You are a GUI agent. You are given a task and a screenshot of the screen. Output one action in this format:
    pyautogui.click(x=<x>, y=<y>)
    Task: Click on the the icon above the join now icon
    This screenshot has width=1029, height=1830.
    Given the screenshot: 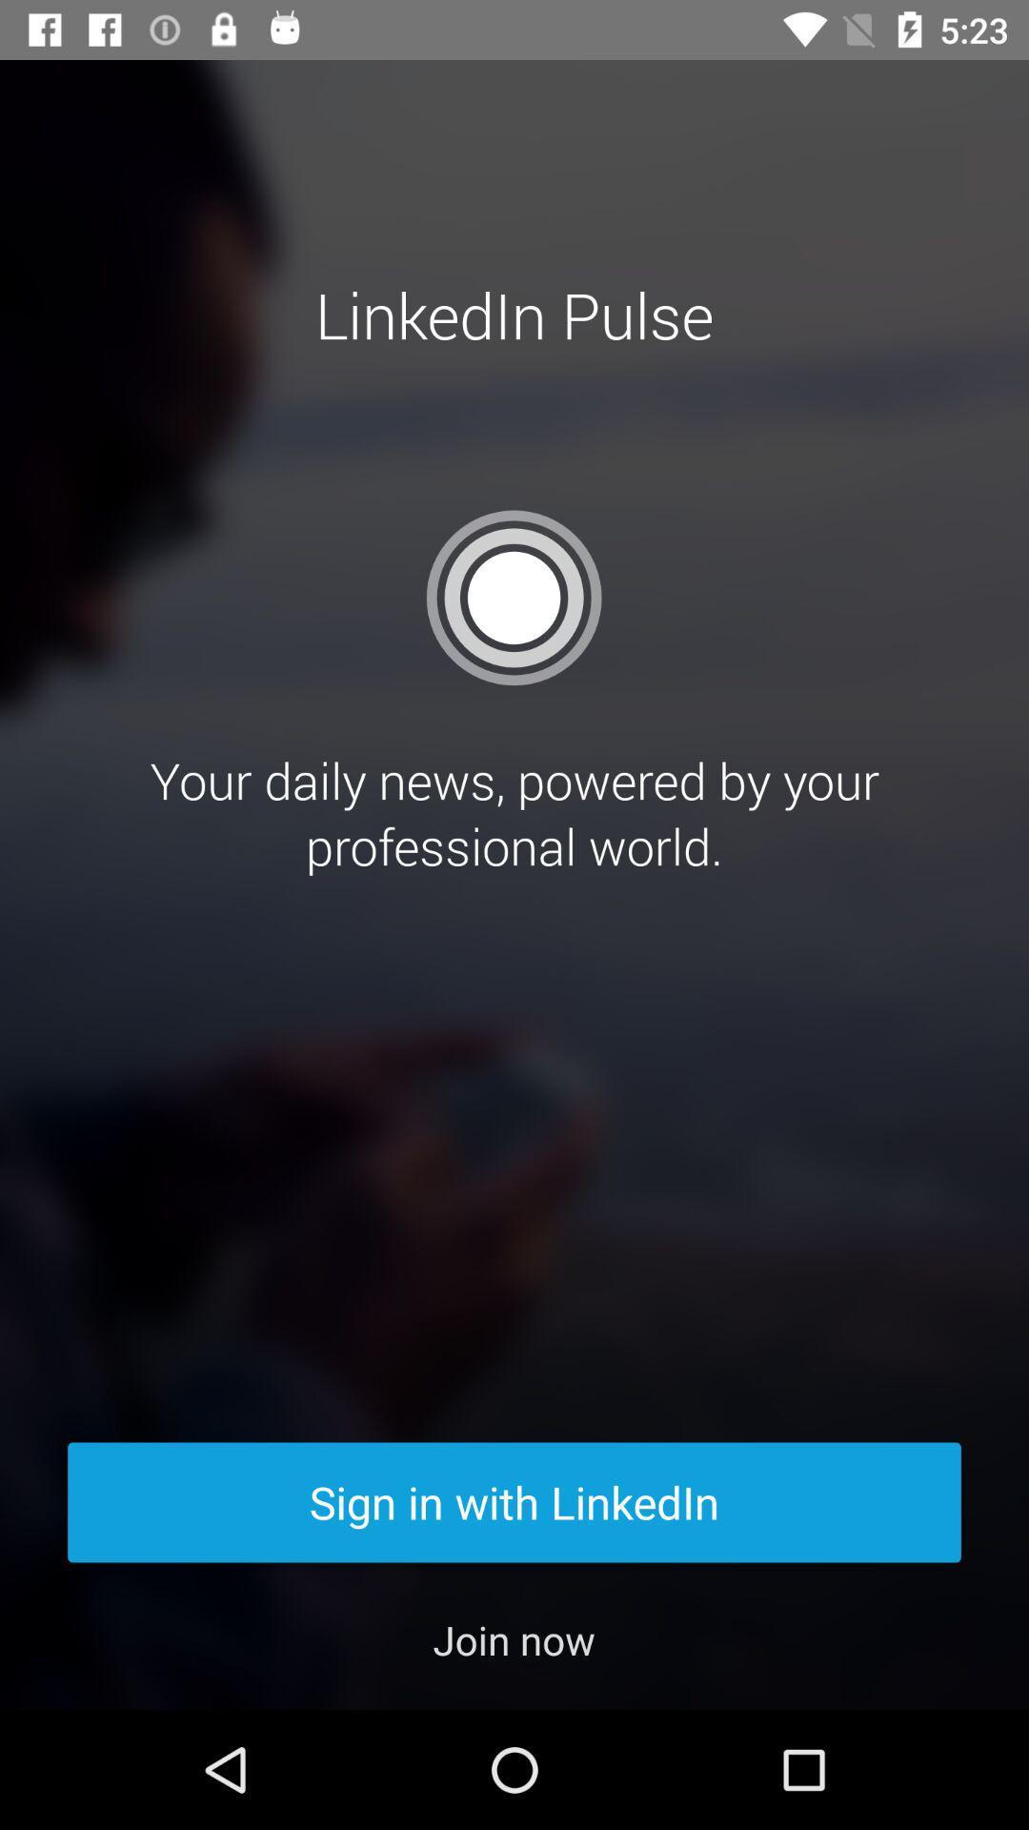 What is the action you would take?
    pyautogui.click(x=514, y=1501)
    